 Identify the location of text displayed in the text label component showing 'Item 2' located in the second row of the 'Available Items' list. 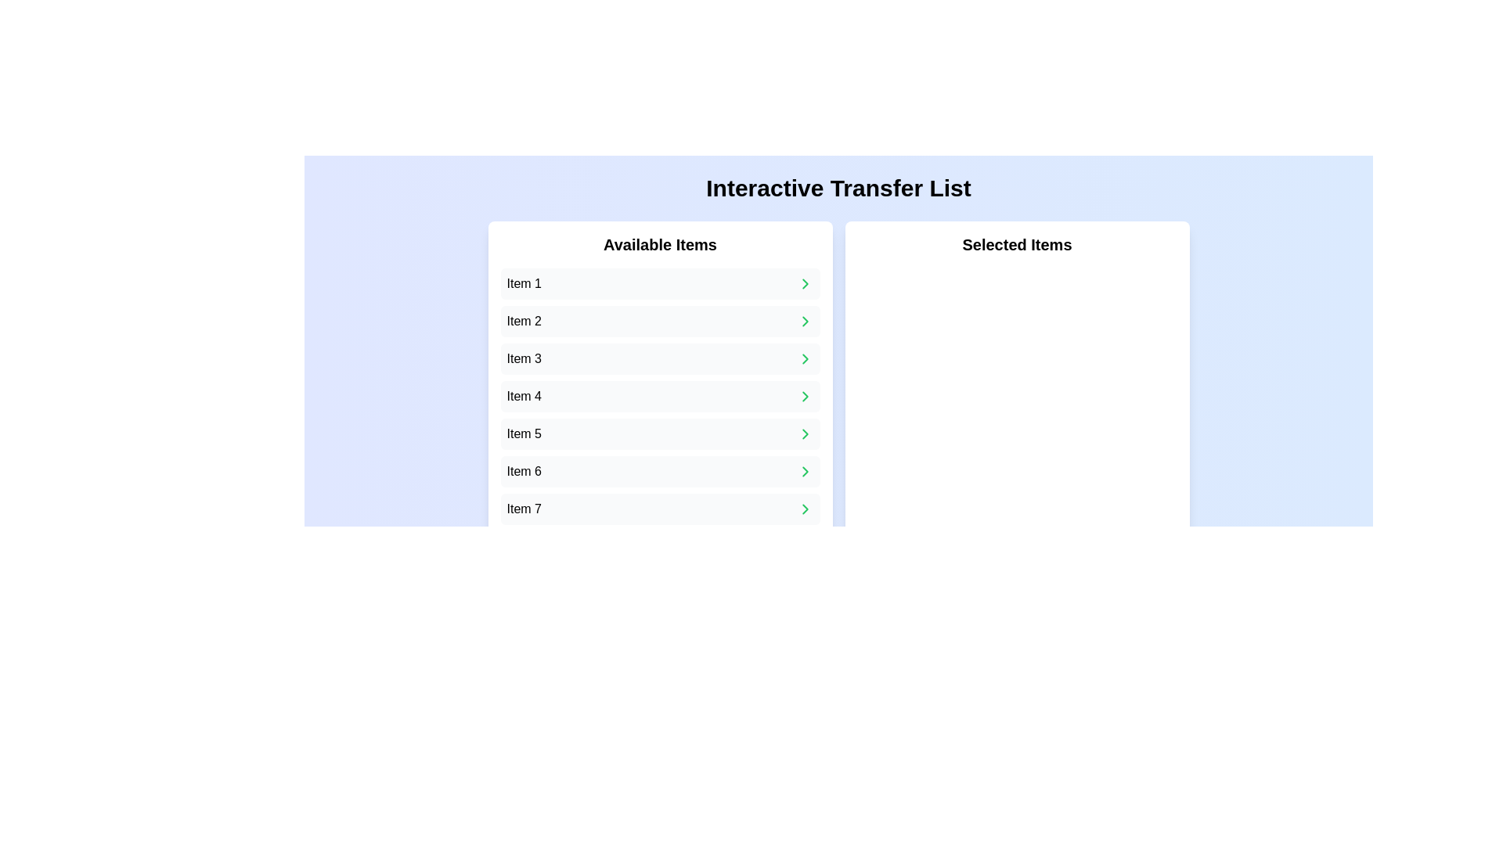
(524, 321).